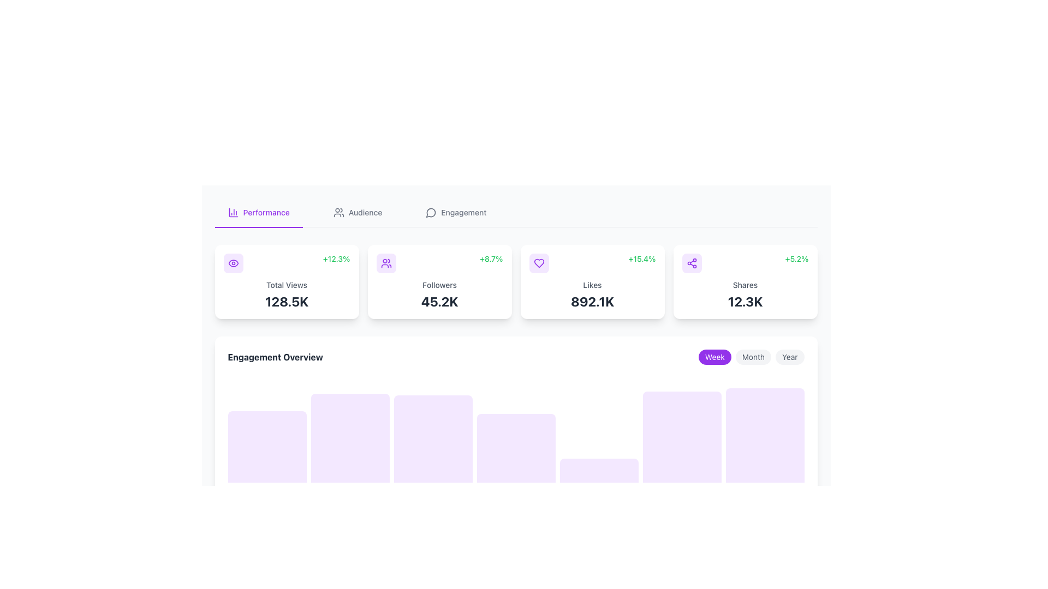 The image size is (1048, 589). What do you see at coordinates (790, 357) in the screenshot?
I see `the 'Year' button, the third button in the group of three ('Week', 'Month', 'Year'), located in the lower section of the interface near the 'Engagement Overview' area to observe the hover effect` at bounding box center [790, 357].